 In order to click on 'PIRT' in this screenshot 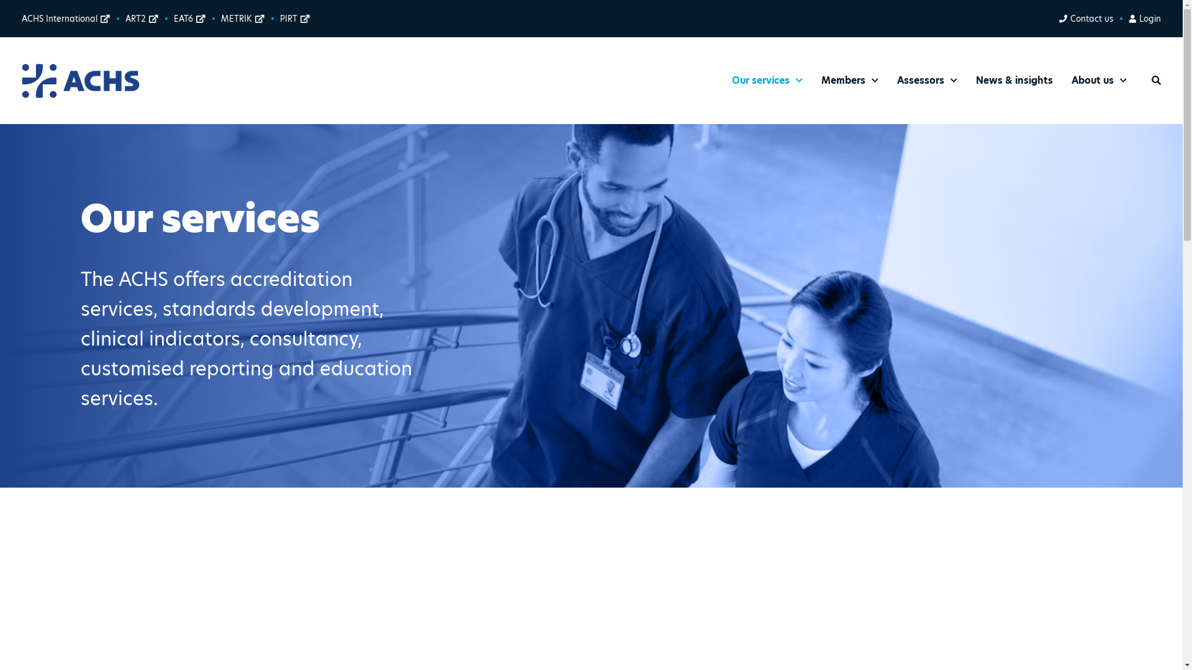, I will do `click(294, 19)`.